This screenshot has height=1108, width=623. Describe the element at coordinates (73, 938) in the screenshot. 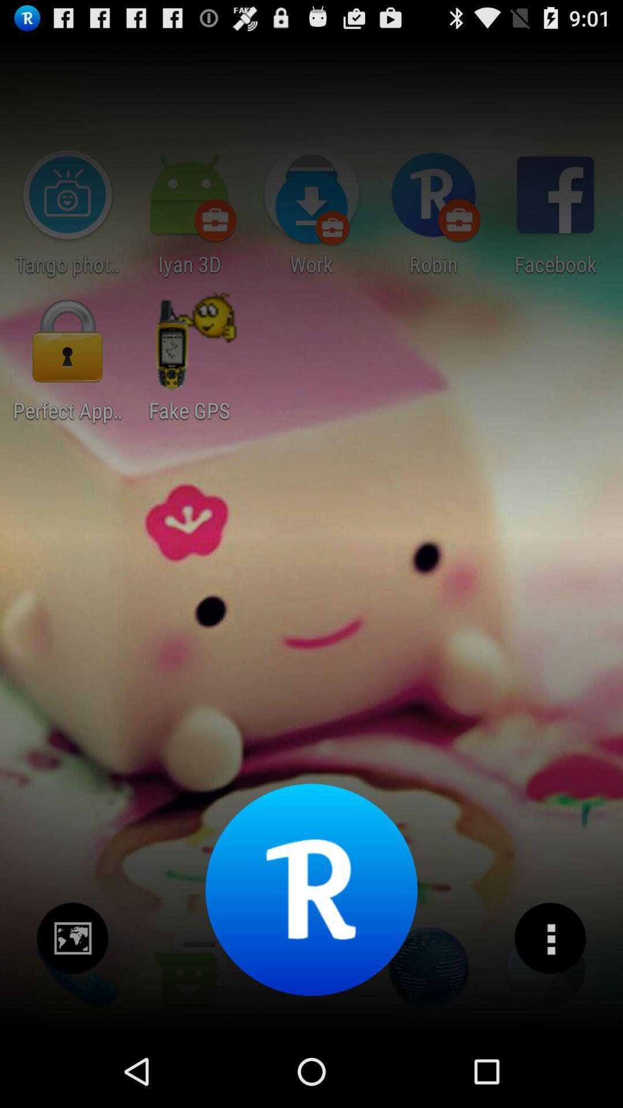

I see `map option` at that location.